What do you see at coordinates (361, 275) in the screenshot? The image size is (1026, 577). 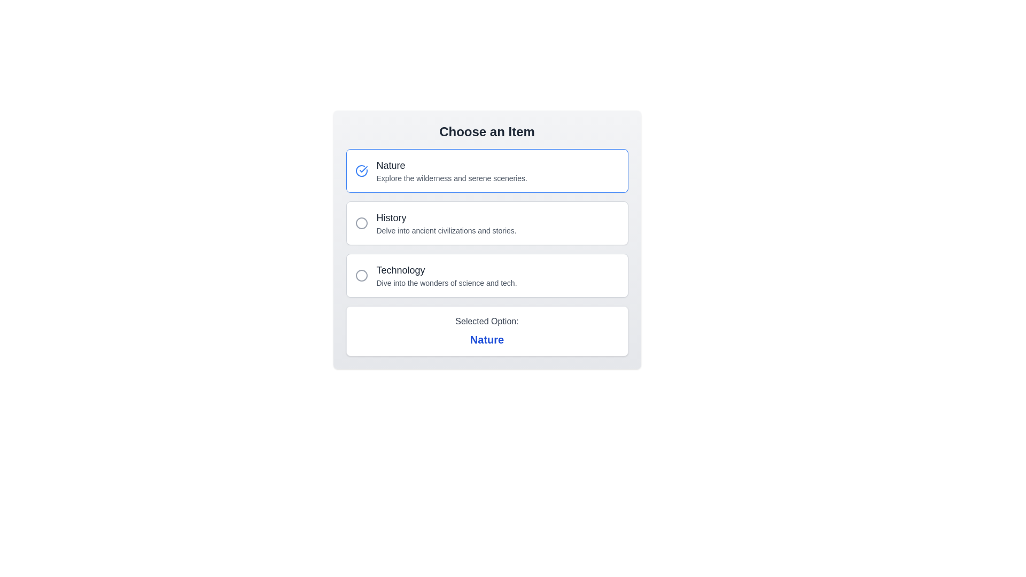 I see `the Circle icon with a gray outline located in the 'Technology' section under 'Choose an Item'` at bounding box center [361, 275].